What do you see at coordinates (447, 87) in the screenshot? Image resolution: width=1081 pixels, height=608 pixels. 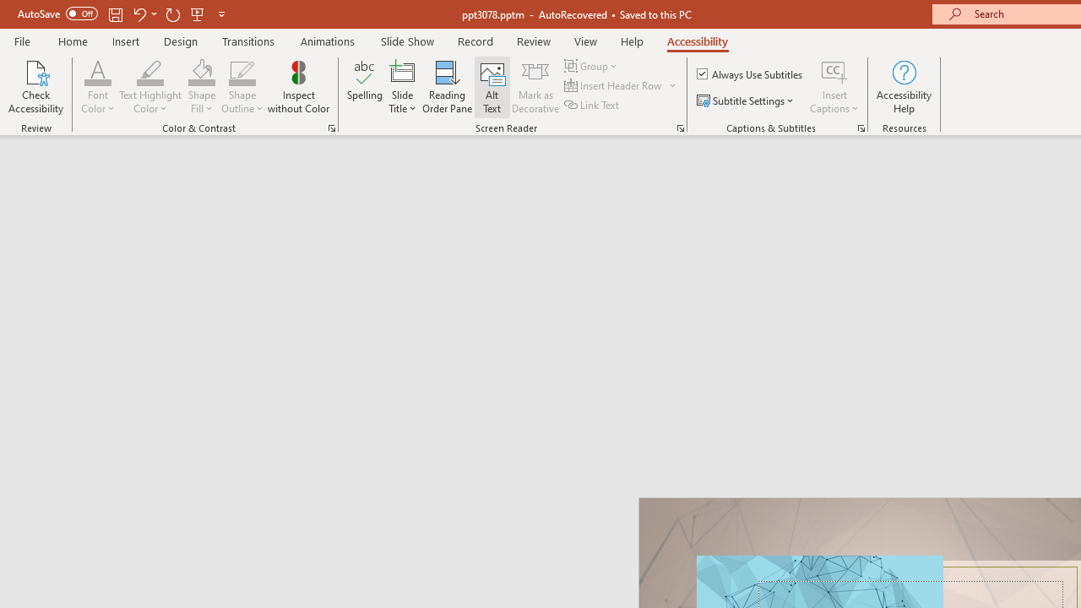 I see `'Reading Order Pane'` at bounding box center [447, 87].